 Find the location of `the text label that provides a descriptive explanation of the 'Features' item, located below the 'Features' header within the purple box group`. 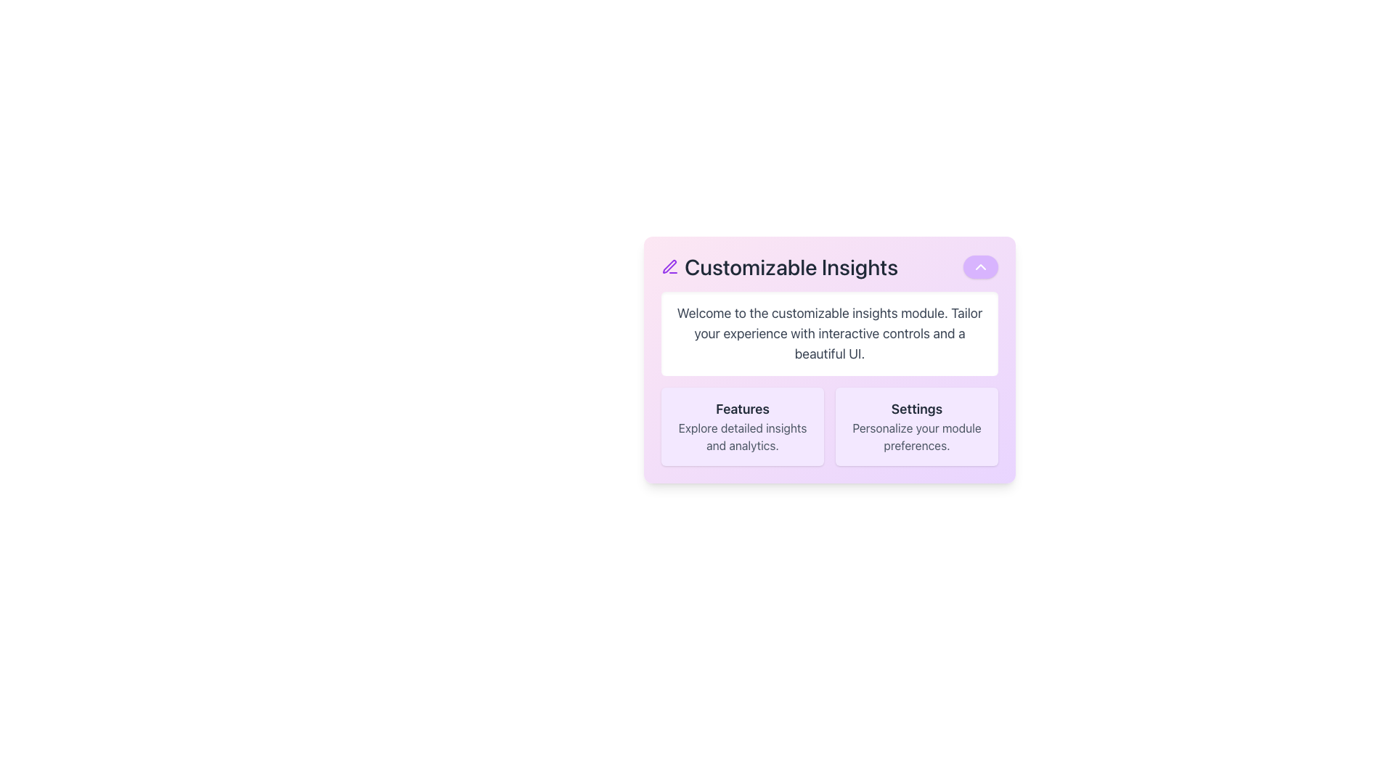

the text label that provides a descriptive explanation of the 'Features' item, located below the 'Features' header within the purple box group is located at coordinates (742, 436).